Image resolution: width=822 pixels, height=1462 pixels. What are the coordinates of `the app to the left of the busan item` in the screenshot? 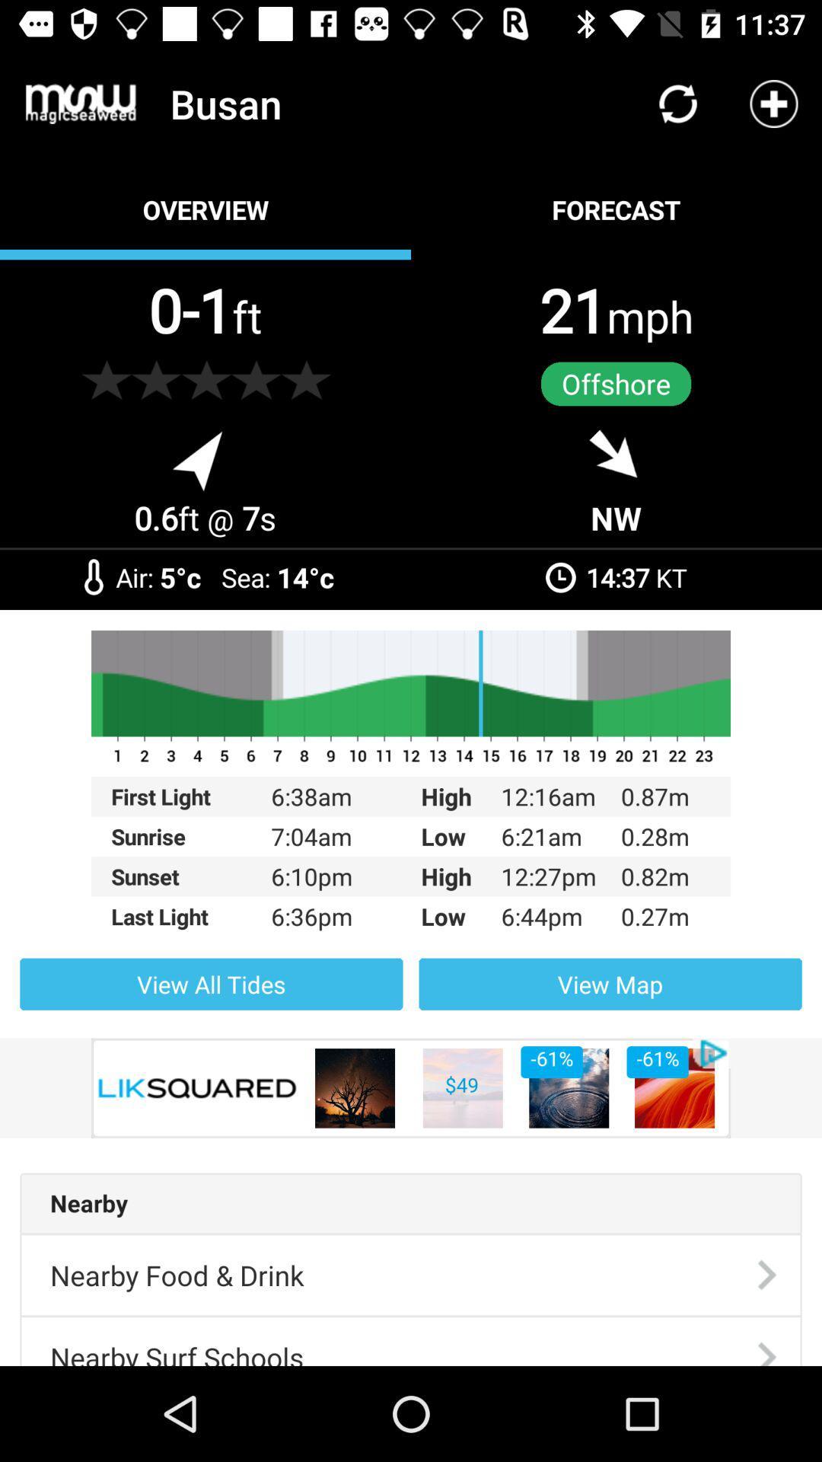 It's located at (81, 103).